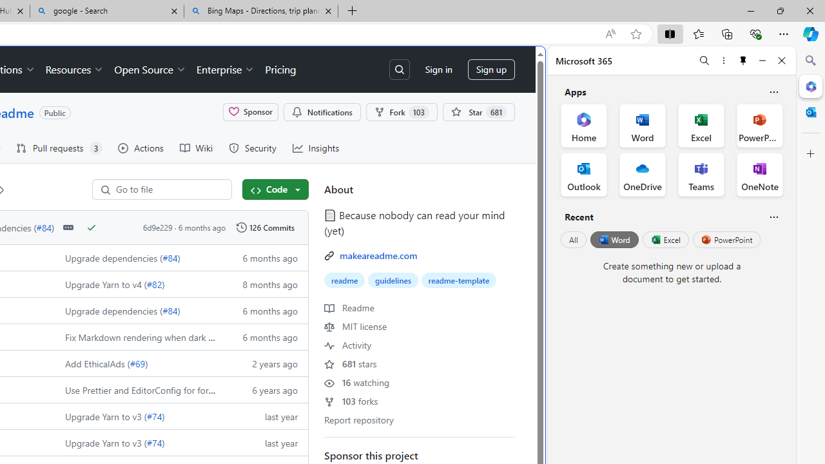 The height and width of the screenshot is (464, 825). What do you see at coordinates (573, 240) in the screenshot?
I see `'All'` at bounding box center [573, 240].